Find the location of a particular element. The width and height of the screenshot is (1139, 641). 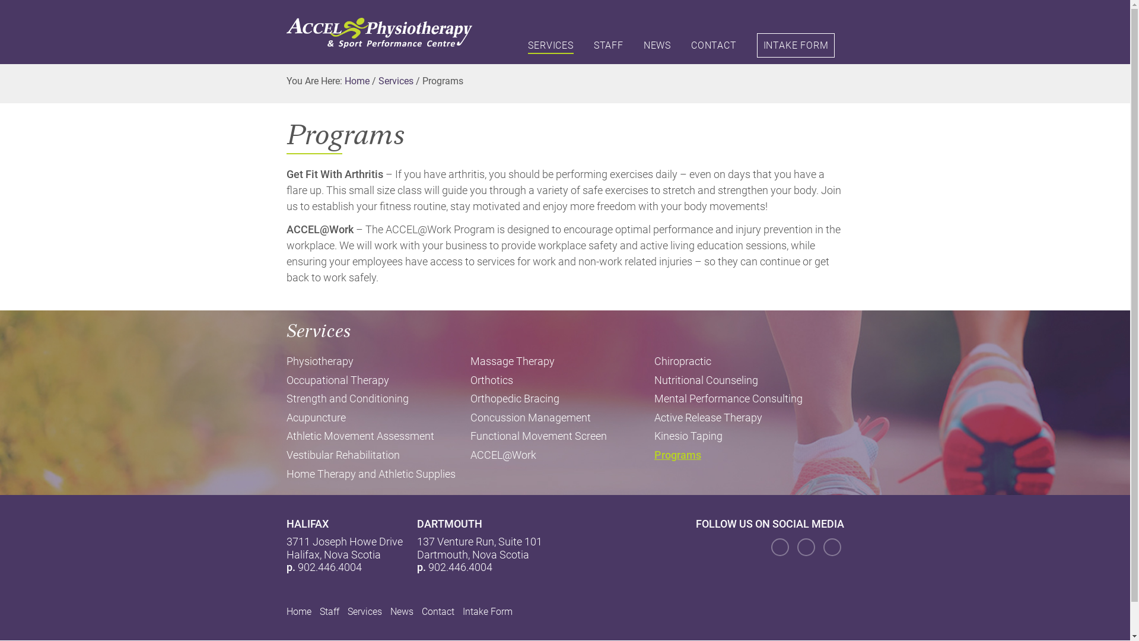

'INTAKE FORM' is located at coordinates (796, 45).